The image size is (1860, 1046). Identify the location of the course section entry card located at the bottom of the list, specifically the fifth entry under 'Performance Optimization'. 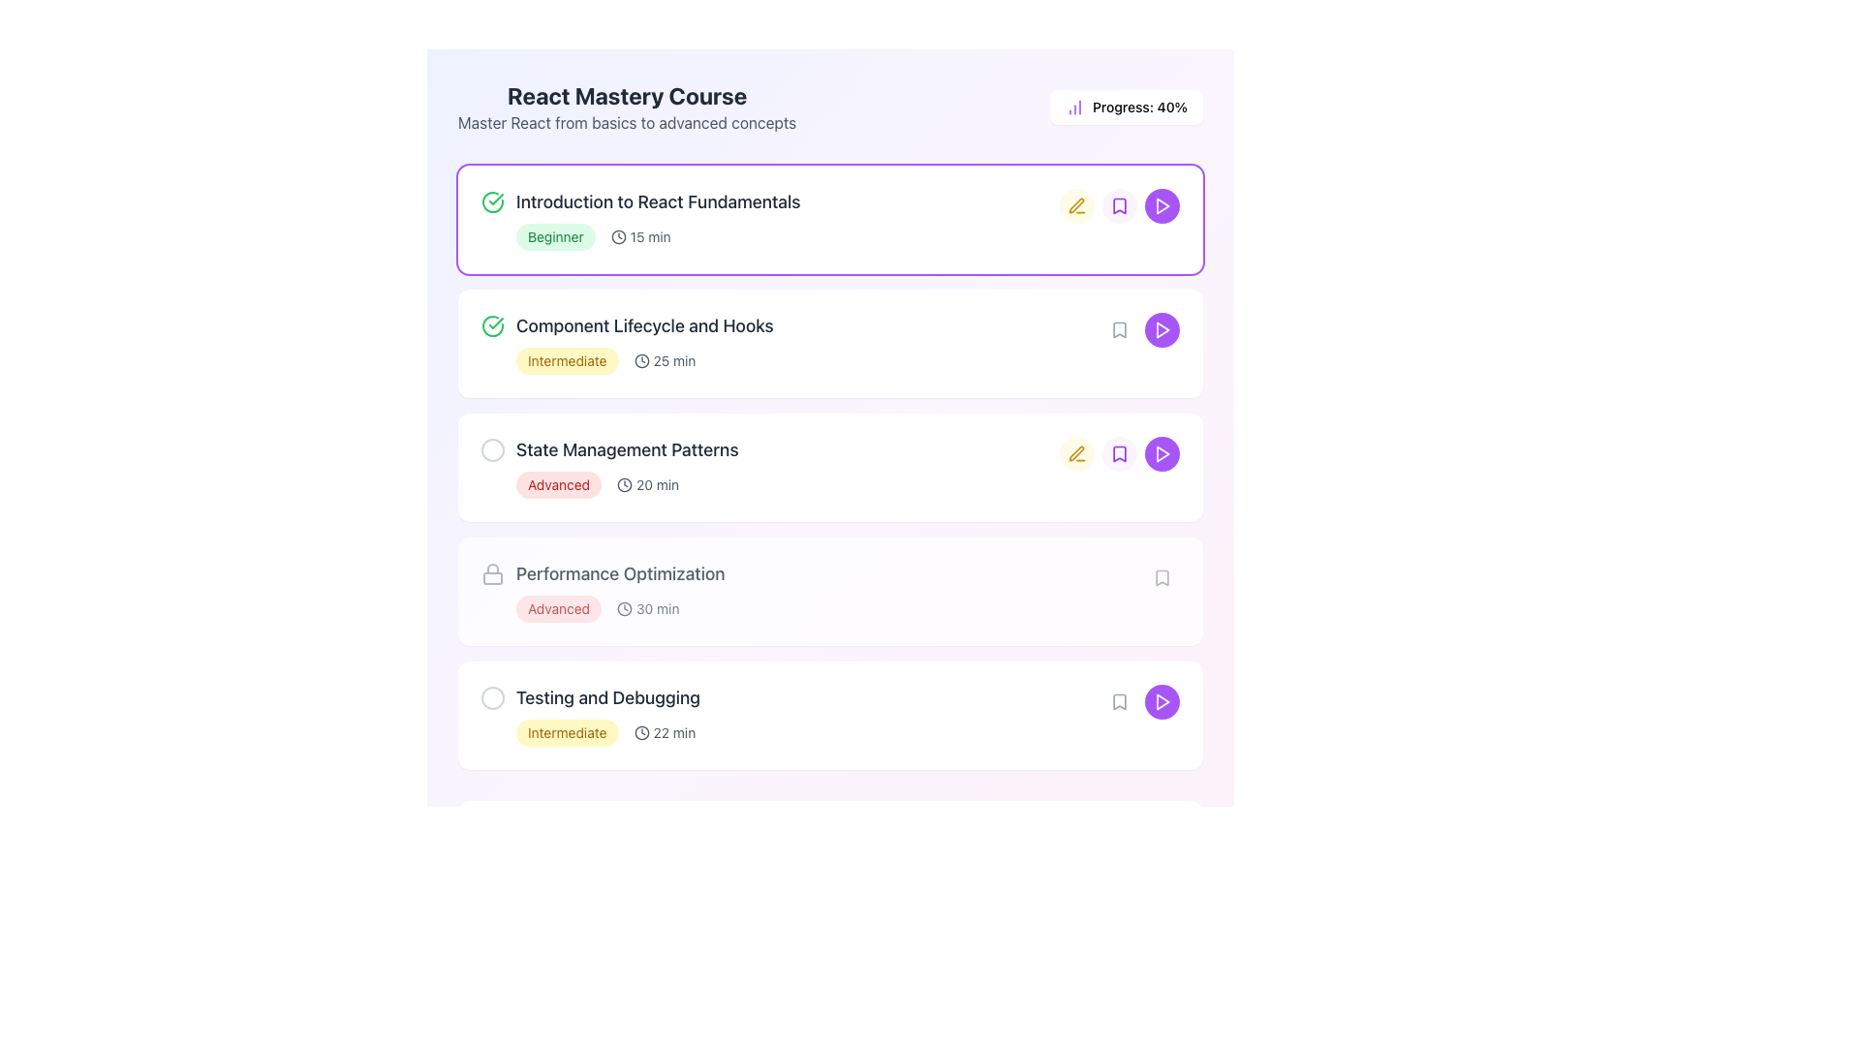
(830, 716).